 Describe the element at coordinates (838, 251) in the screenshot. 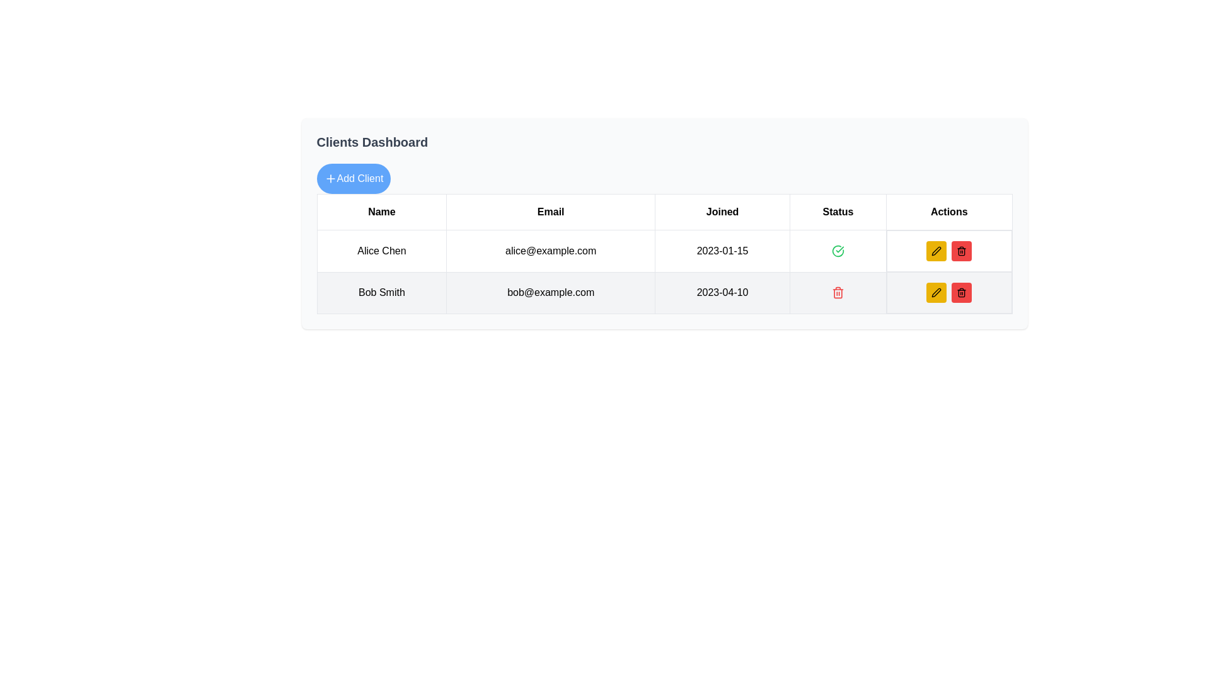

I see `the visual status indicated by the confirmation icon located in the 'Status' column of the first row of the table, which features a green circular border and a checkmark` at that location.